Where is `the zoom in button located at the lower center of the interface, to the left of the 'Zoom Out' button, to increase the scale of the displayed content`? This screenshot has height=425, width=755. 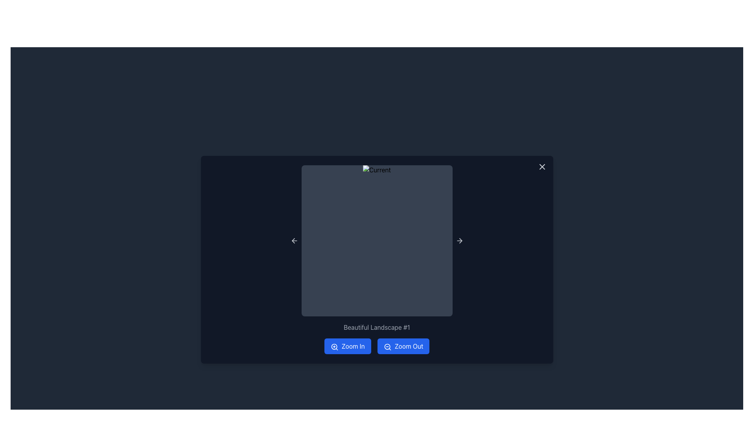 the zoom in button located at the lower center of the interface, to the left of the 'Zoom Out' button, to increase the scale of the displayed content is located at coordinates (347, 346).